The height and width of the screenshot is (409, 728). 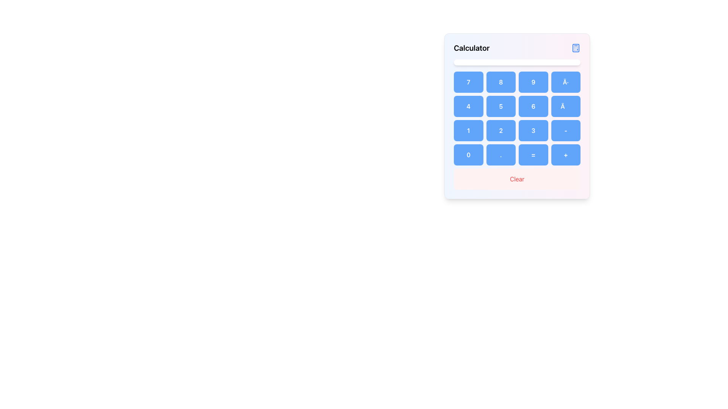 I want to click on the button labeled '9' in the calculator interface to input the number '9', so click(x=533, y=82).